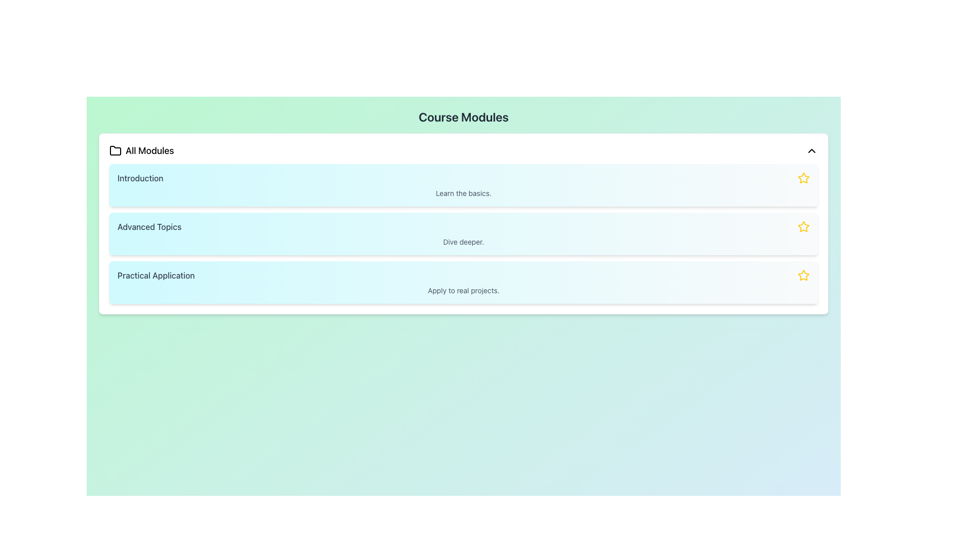 The height and width of the screenshot is (547, 973). What do you see at coordinates (803, 275) in the screenshot?
I see `the interactive star icon located to the right of the course module 'Practical Application' to mark it as favorite` at bounding box center [803, 275].